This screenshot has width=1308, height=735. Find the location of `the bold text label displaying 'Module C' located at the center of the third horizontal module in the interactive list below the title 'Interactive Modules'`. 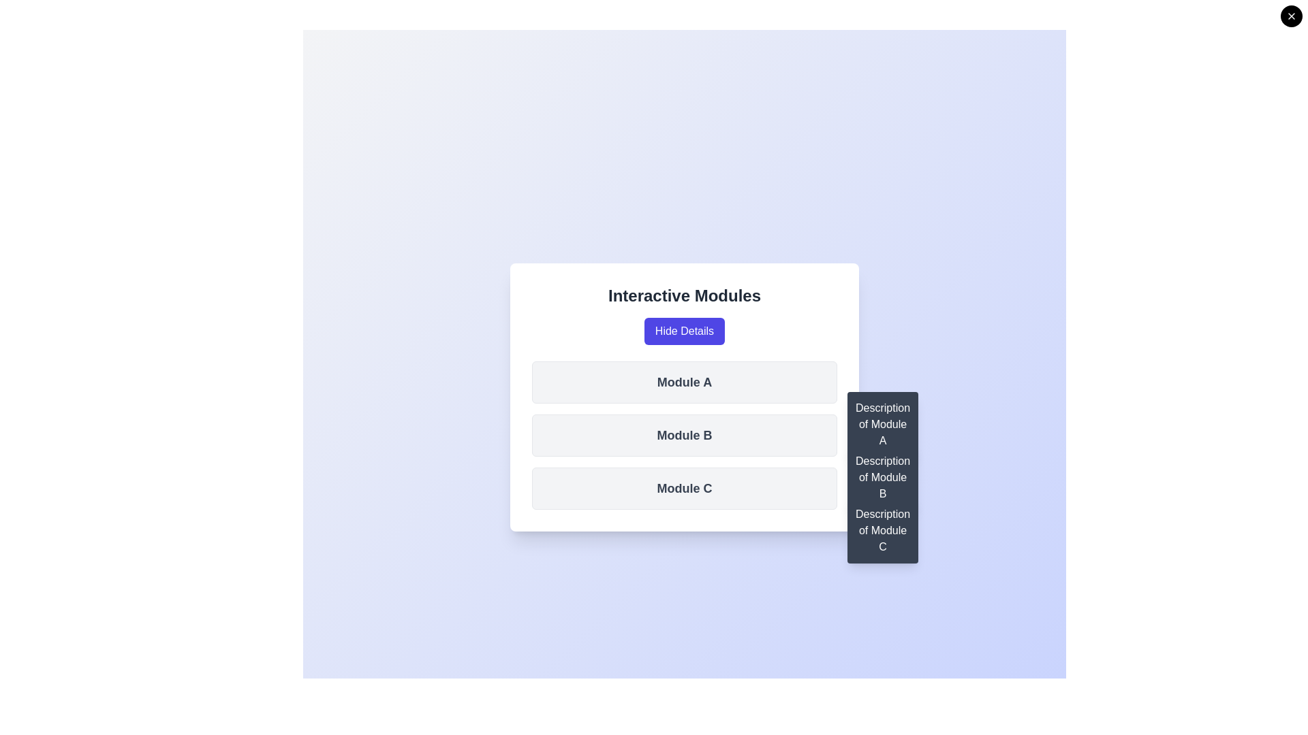

the bold text label displaying 'Module C' located at the center of the third horizontal module in the interactive list below the title 'Interactive Modules' is located at coordinates (684, 487).